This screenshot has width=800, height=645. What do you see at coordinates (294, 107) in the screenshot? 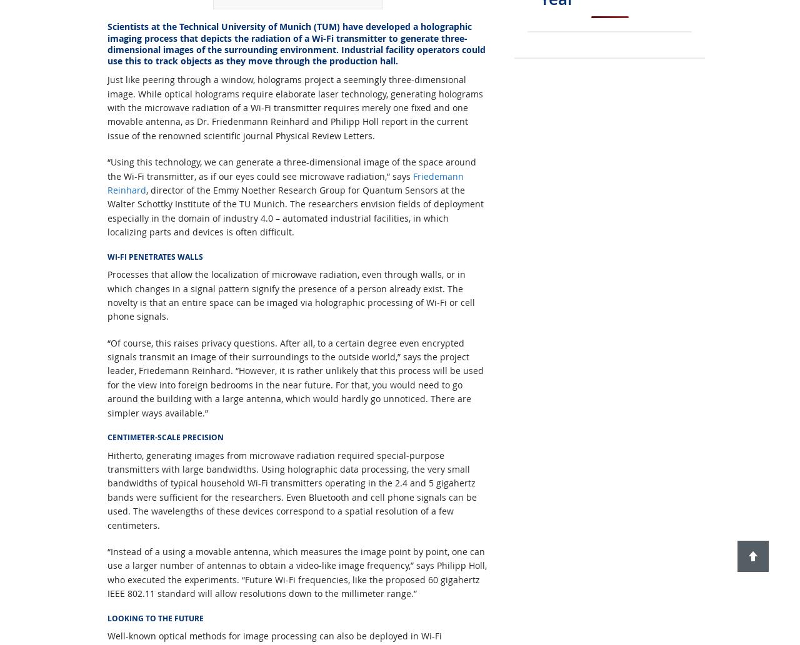
I see `'Just like peering through a window, holograms project a seemingly three-dimensional image. While optical holograms require elaborate laser technology, generating holograms with the microwave radiation of a Wi-Fi transmitter requires merely one fixed and one movable antenna, as Dr. Friedenmann Reinhard and Philipp Holl report in the current issue of the renowned scientific journal Physical Review Letters.'` at bounding box center [294, 107].